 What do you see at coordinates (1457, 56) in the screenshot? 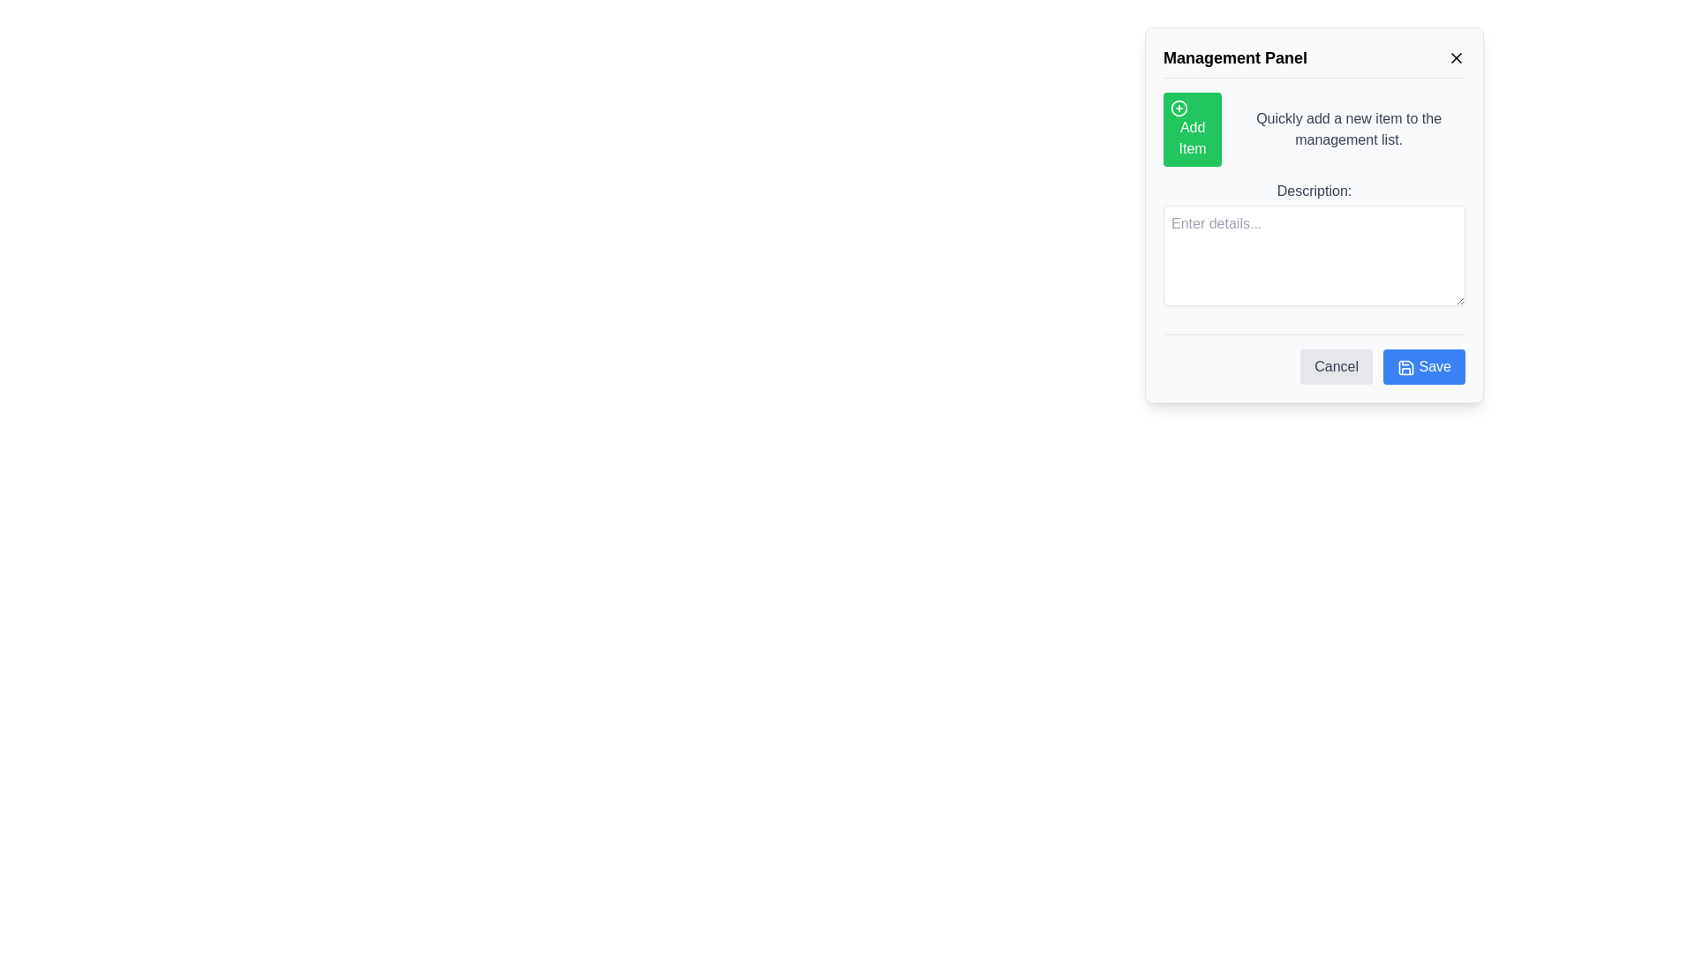
I see `the close icon button located in the top-right corner of the Management Panel header area, which resembles a minimalist 'X' symbol` at bounding box center [1457, 56].